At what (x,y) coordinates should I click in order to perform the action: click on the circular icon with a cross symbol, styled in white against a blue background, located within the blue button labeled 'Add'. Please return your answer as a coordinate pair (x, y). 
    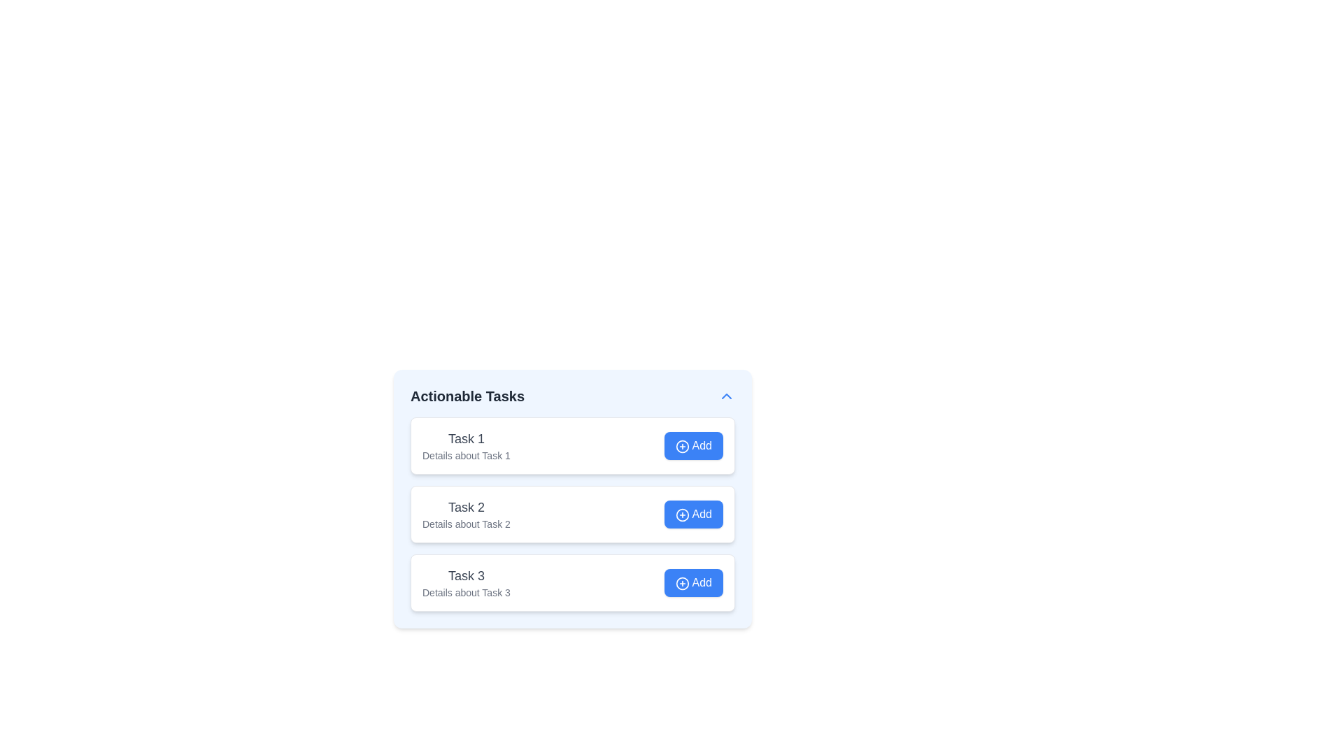
    Looking at the image, I should click on (682, 446).